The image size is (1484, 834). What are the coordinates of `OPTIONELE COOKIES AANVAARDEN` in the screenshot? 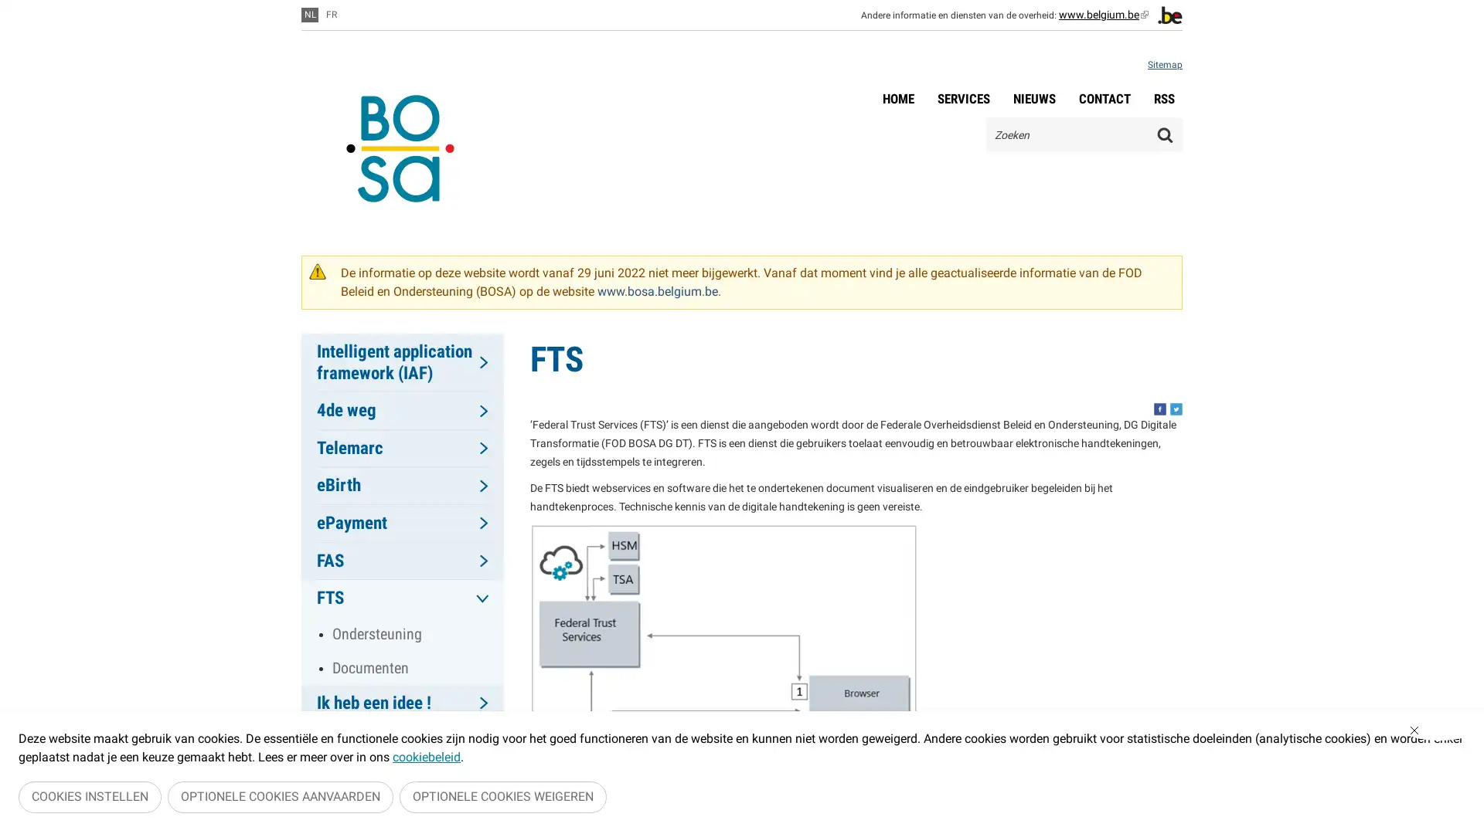 It's located at (281, 798).